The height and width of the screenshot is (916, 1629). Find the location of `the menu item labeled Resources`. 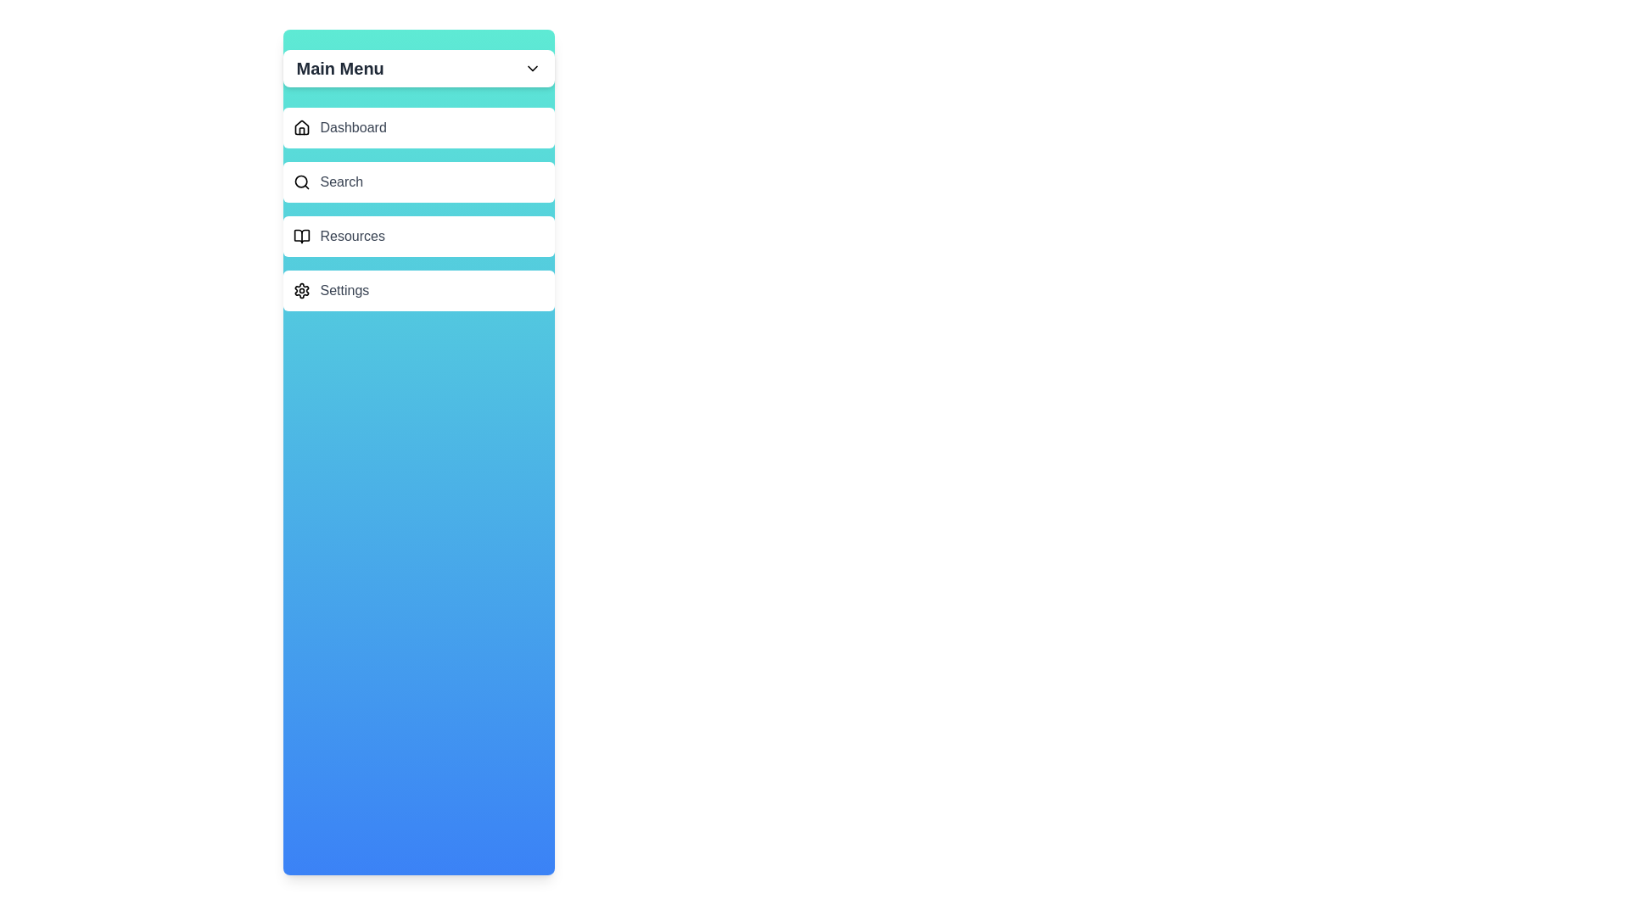

the menu item labeled Resources is located at coordinates (418, 236).